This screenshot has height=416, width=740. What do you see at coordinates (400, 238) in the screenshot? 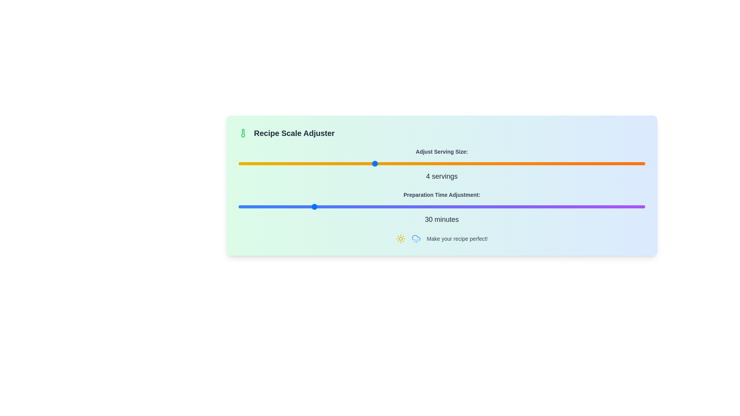
I see `the decorative sunny icon located at the bottom of the card, which is the first icon in the sequence before the cloud icon with raindrops` at bounding box center [400, 238].